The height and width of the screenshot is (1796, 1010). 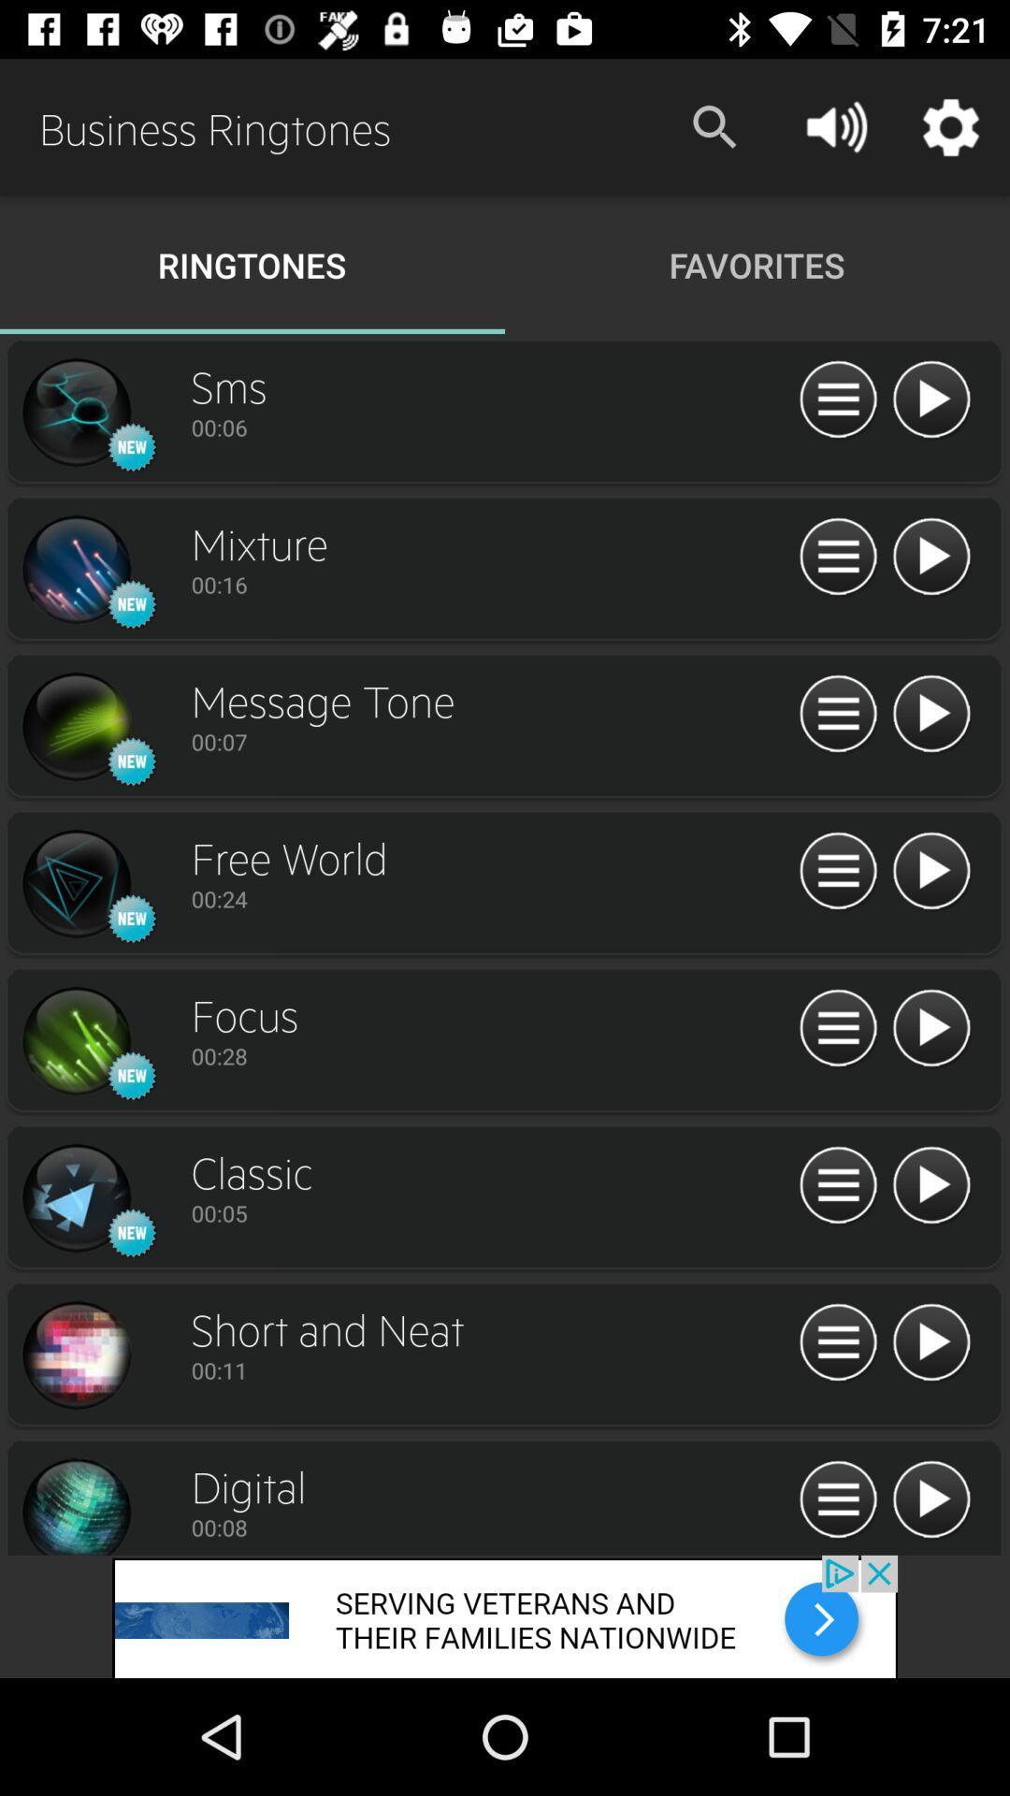 What do you see at coordinates (931, 557) in the screenshot?
I see `audio` at bounding box center [931, 557].